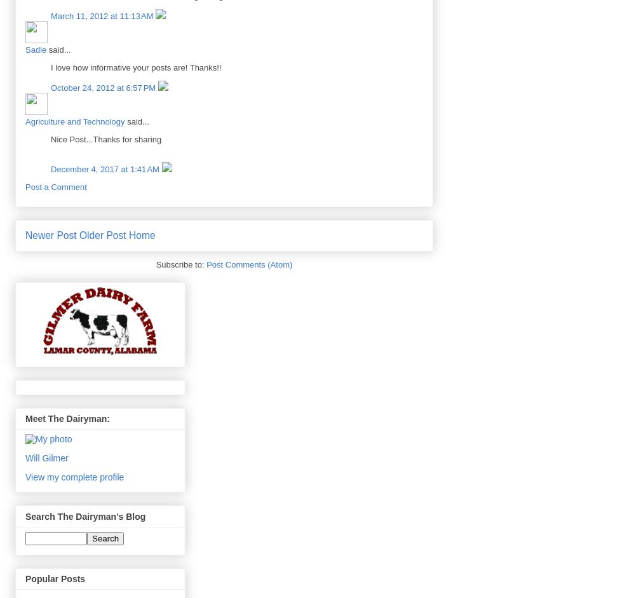 The image size is (634, 598). Describe the element at coordinates (135, 67) in the screenshot. I see `'I love how informative your posts are! Thanks!!'` at that location.